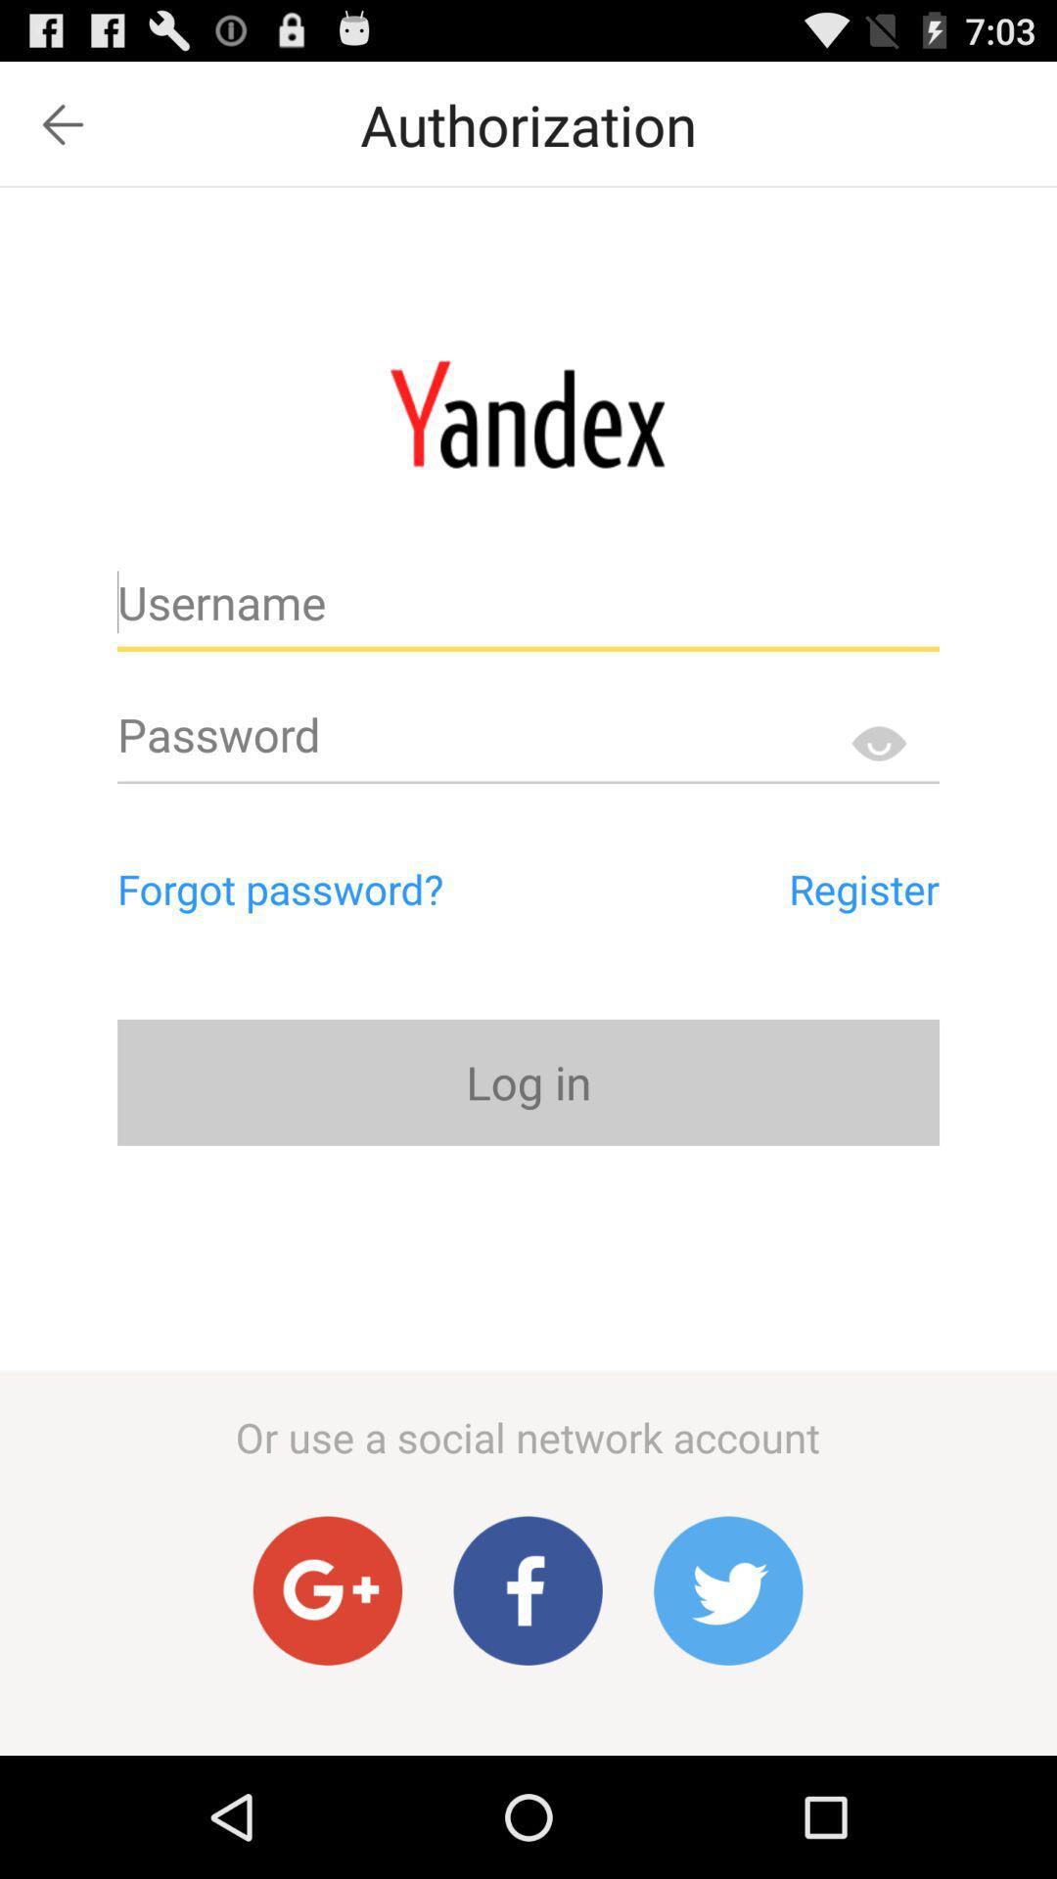 The image size is (1057, 1879). I want to click on mail logo, so click(527, 413).